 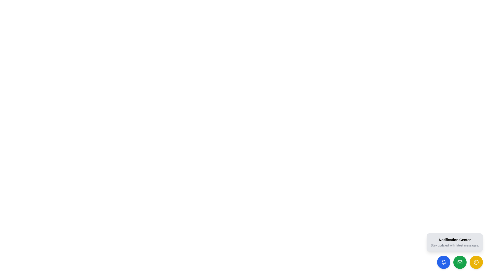 I want to click on the circular button with a yellow background and a smiling face icon, so click(x=476, y=262).